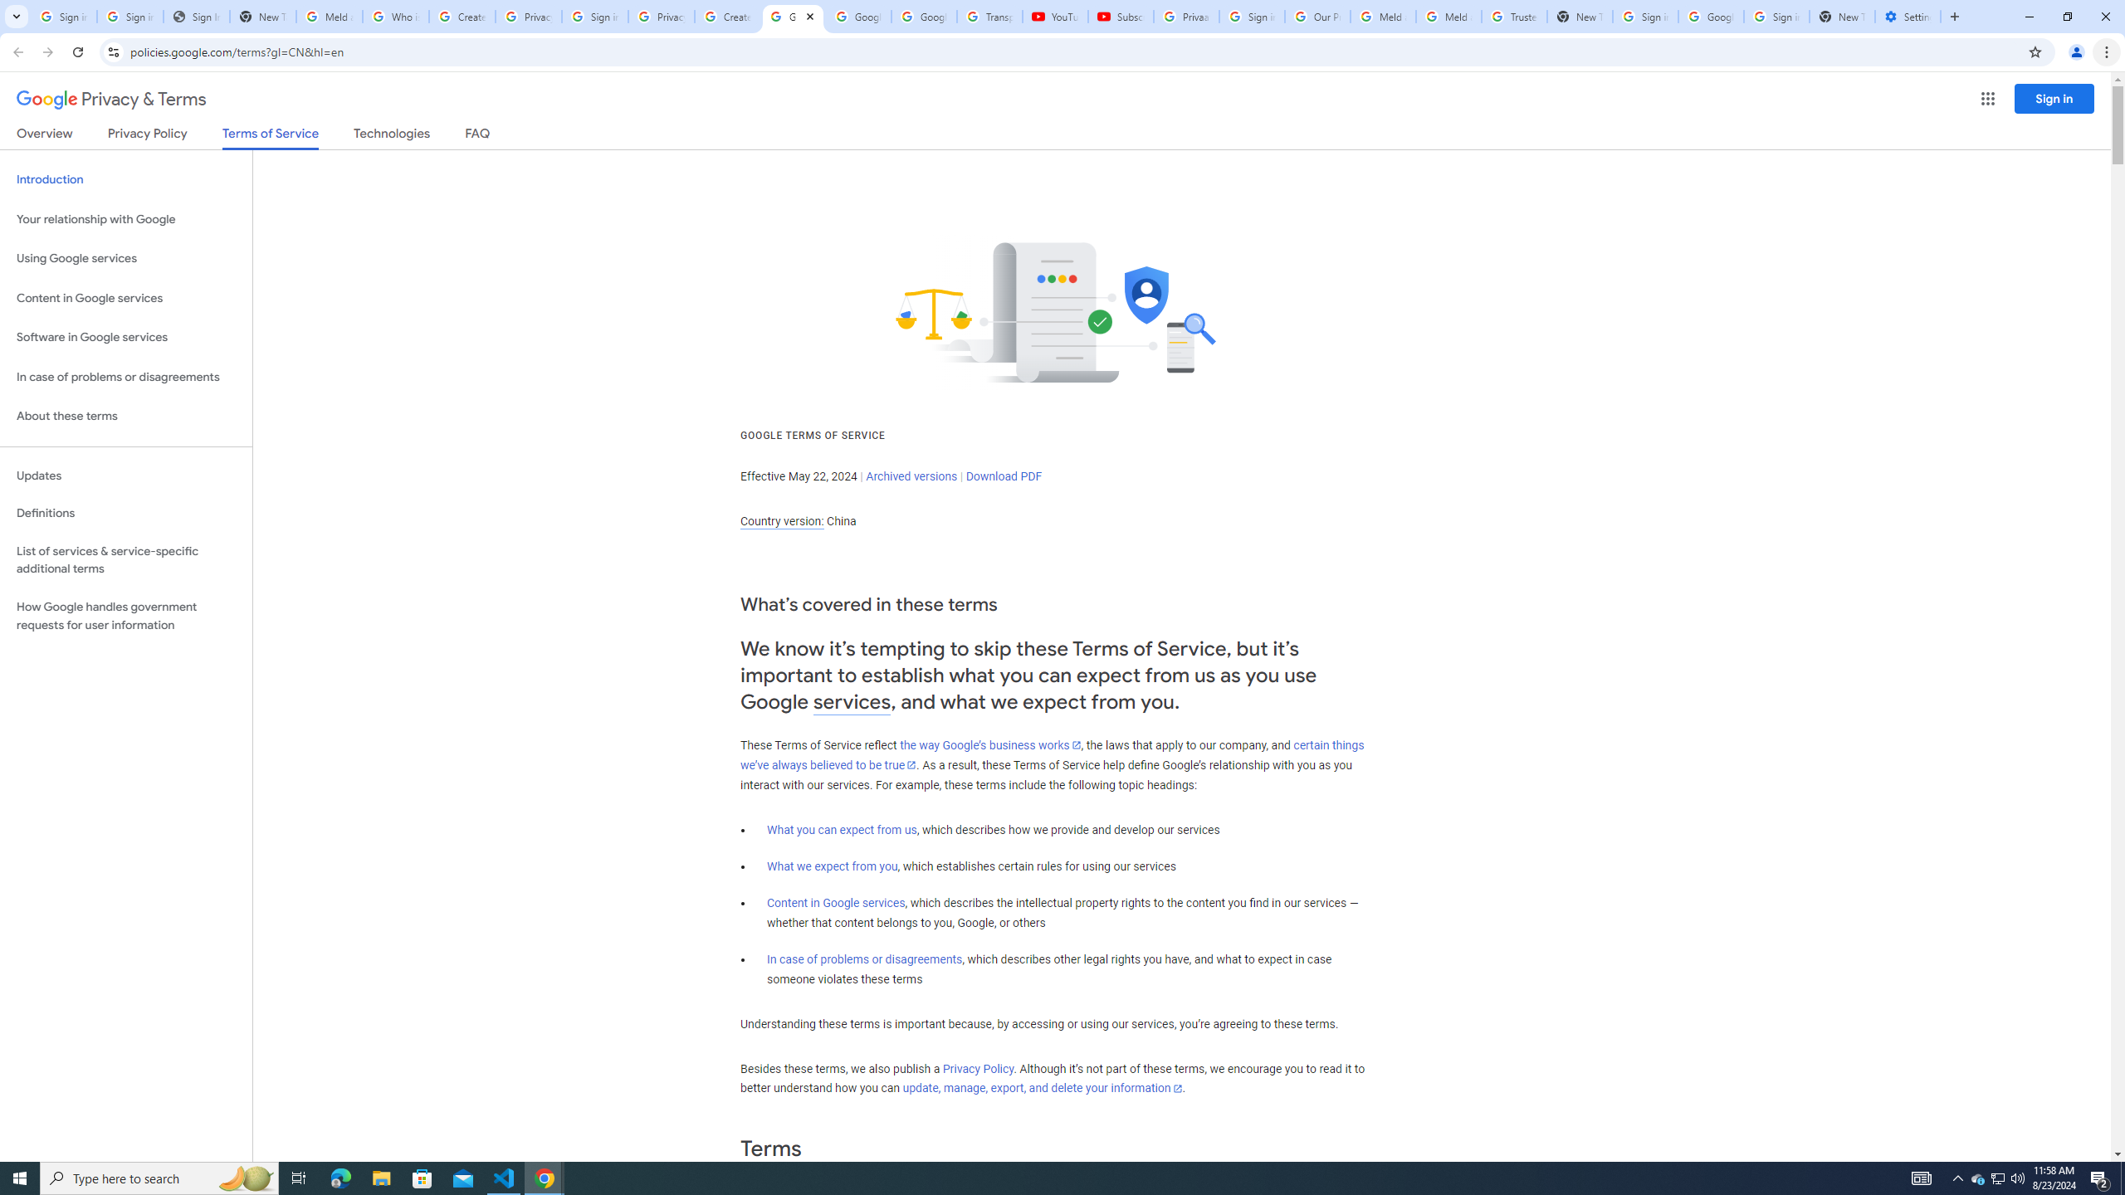 Image resolution: width=2125 pixels, height=1195 pixels. Describe the element at coordinates (477, 136) in the screenshot. I see `'FAQ'` at that location.